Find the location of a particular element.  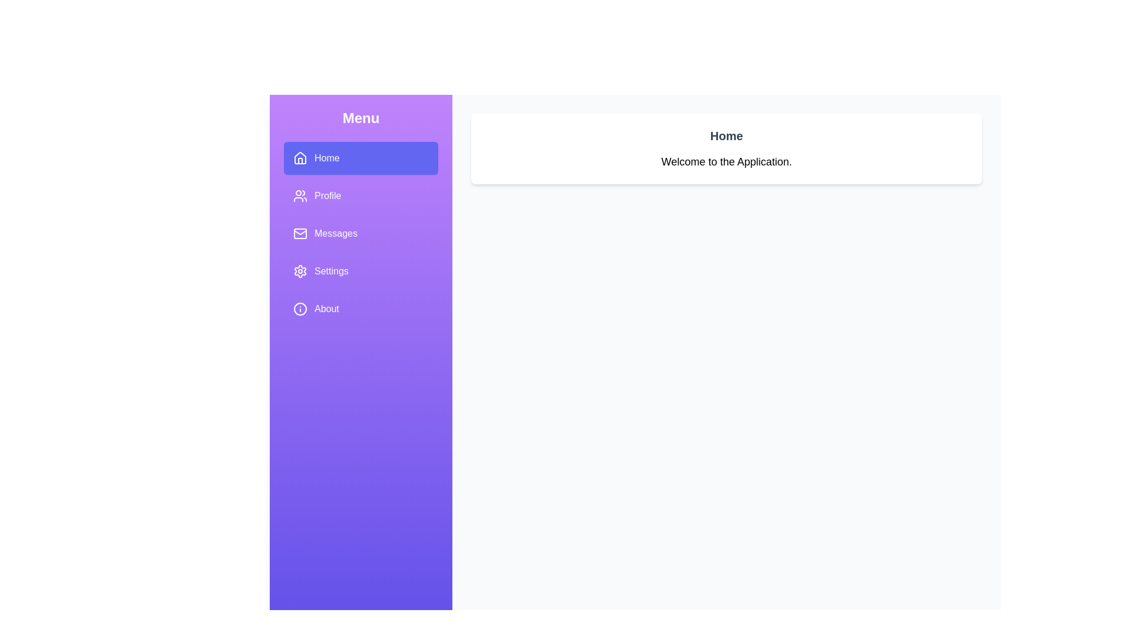

the fourth menu item in the sidebar, which provides access to the application's settings is located at coordinates (361, 271).